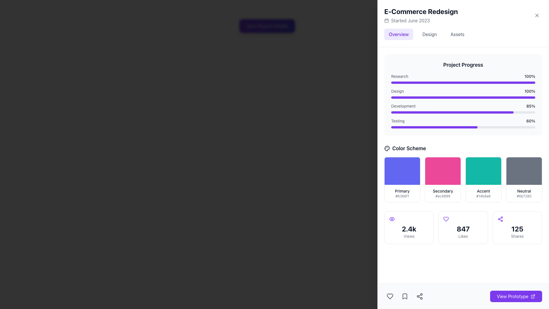 The width and height of the screenshot is (549, 309). Describe the element at coordinates (402, 193) in the screenshot. I see `text of the Label containing 'Primary' and '#6366f1' located in the 'Color Scheme' section, beneath the purple rectangular area` at that location.